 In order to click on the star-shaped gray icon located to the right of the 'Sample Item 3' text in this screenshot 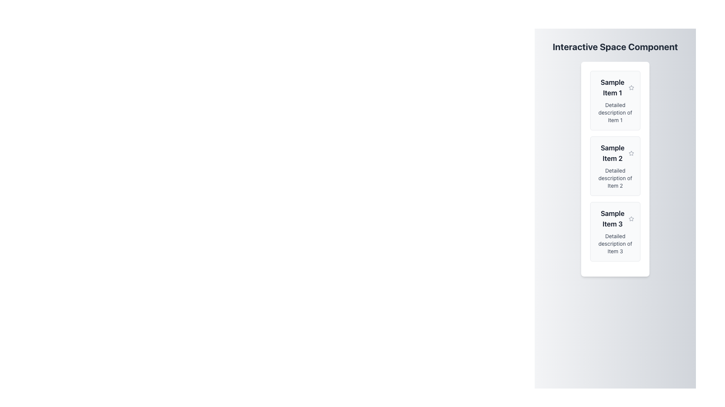, I will do `click(631, 219)`.